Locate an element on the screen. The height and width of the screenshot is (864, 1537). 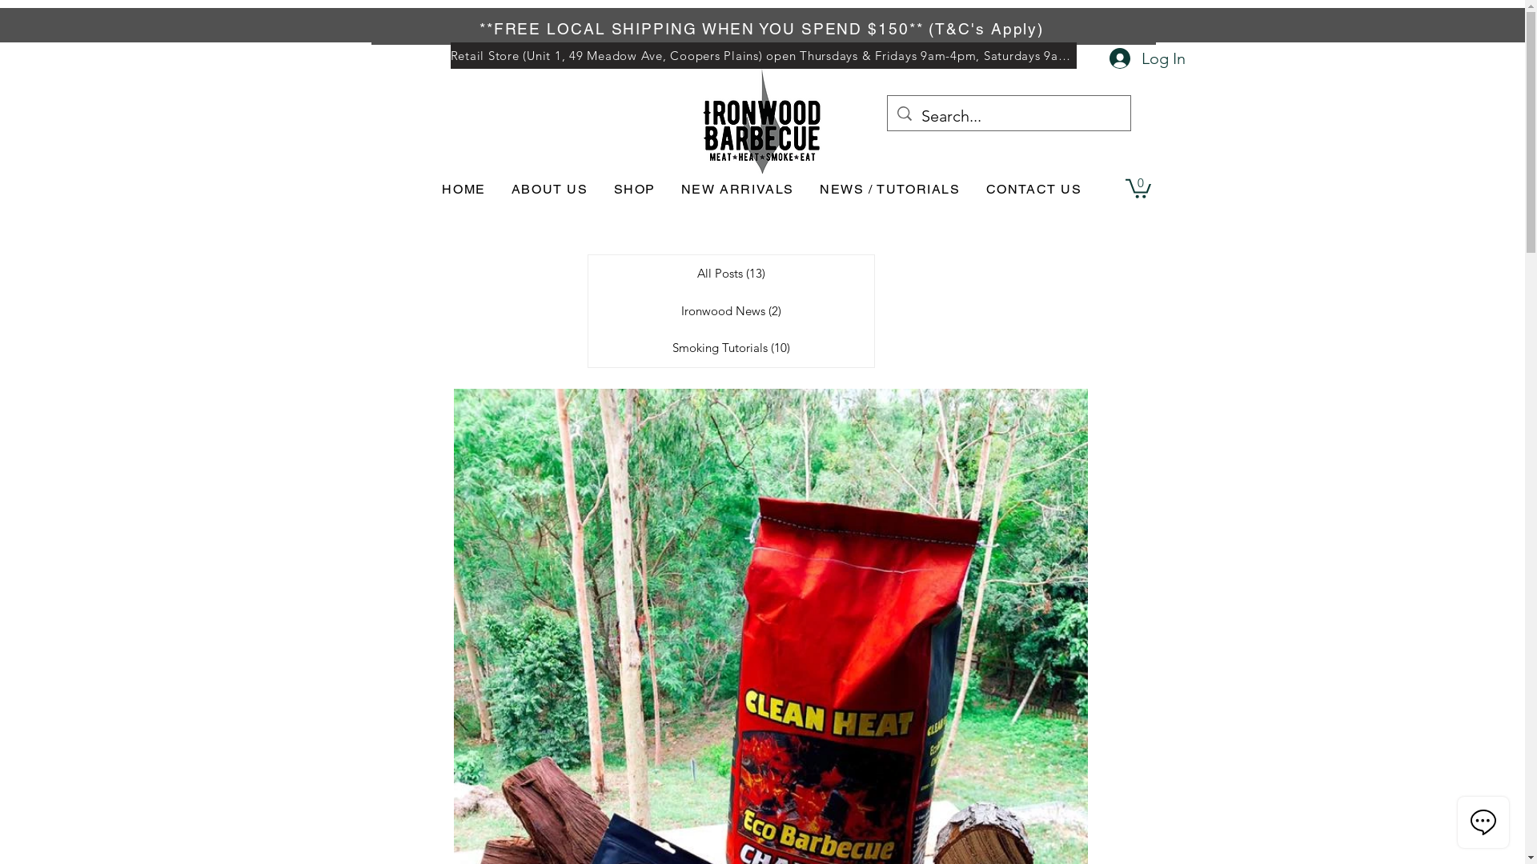
'CONTACT US' is located at coordinates (1033, 189).